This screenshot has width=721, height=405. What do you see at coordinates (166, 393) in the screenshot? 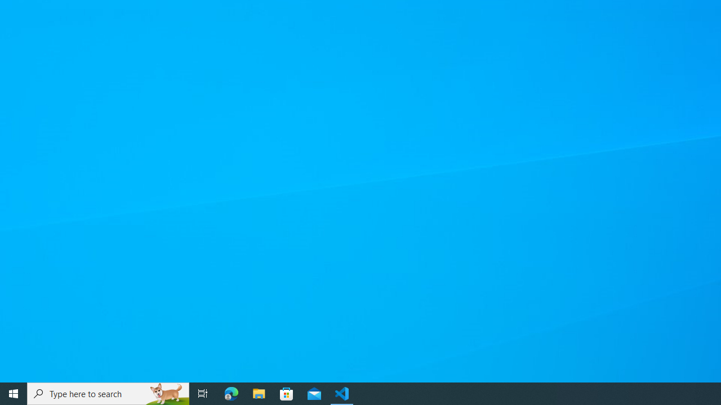
I see `'Search highlights icon opens search home window'` at bounding box center [166, 393].